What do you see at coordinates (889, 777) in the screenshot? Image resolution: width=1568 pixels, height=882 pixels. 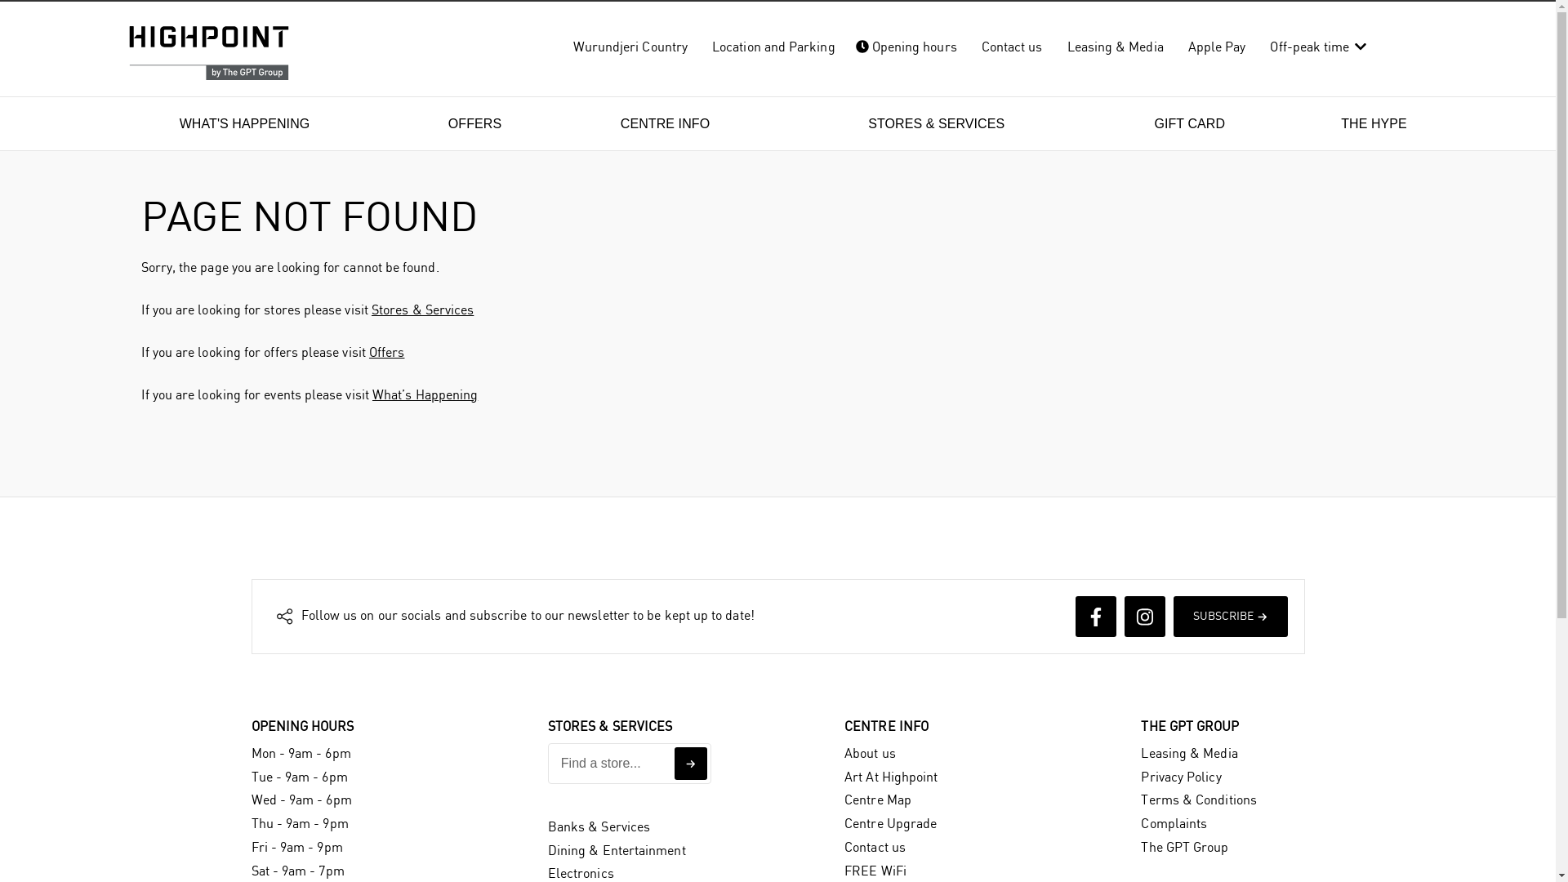 I see `'Art At Highpoint'` at bounding box center [889, 777].